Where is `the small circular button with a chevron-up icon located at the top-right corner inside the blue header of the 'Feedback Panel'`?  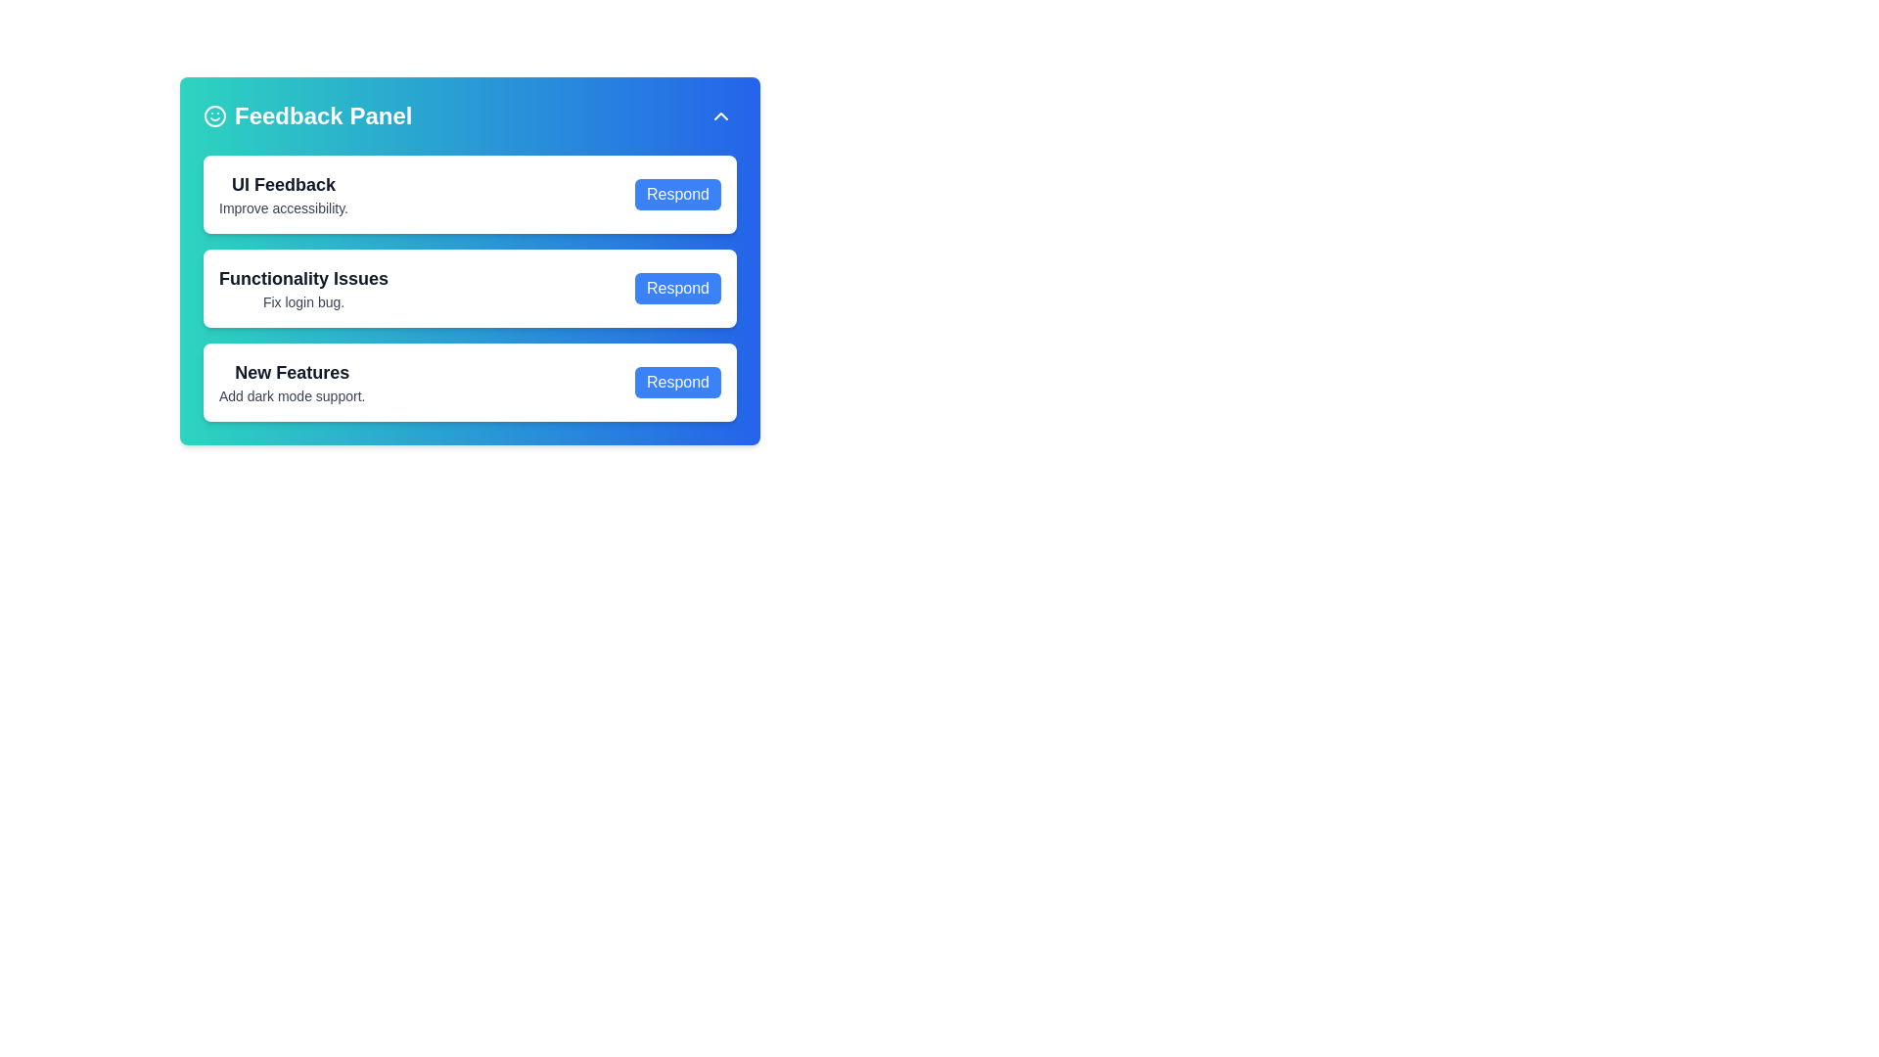 the small circular button with a chevron-up icon located at the top-right corner inside the blue header of the 'Feedback Panel' is located at coordinates (720, 116).